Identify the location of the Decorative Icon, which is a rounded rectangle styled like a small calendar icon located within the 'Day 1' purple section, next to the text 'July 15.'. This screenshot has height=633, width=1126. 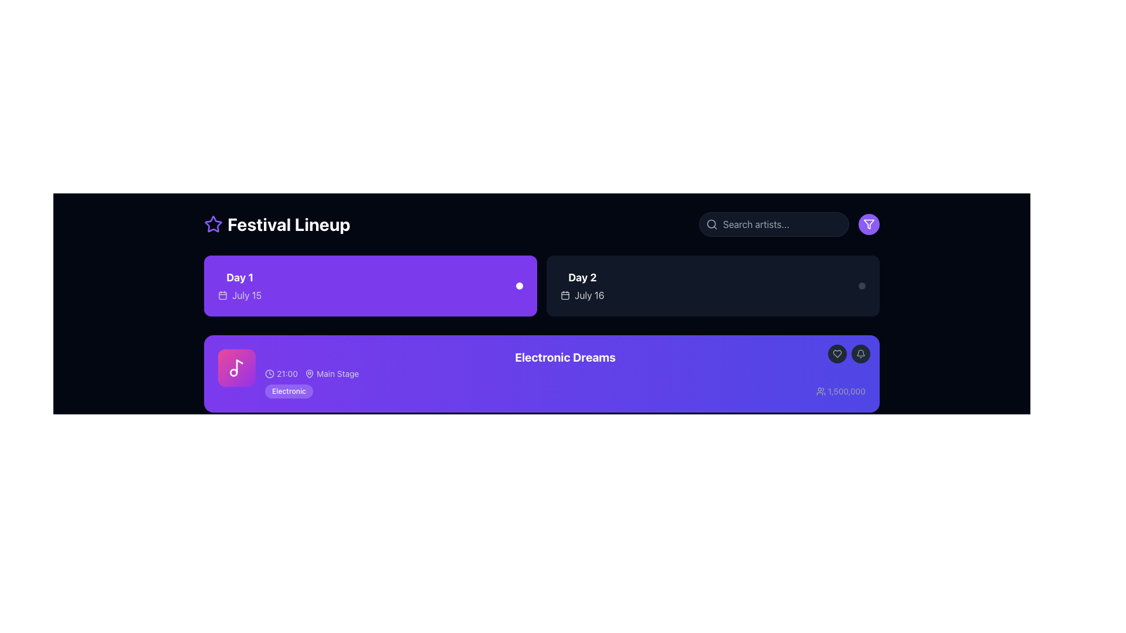
(222, 295).